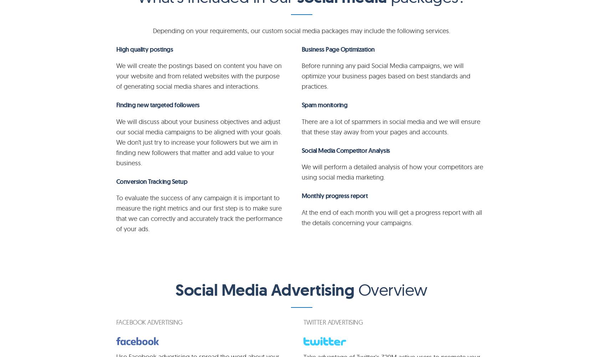  What do you see at coordinates (301, 217) in the screenshot?
I see `'At the end of each month you will get a progress report with all the details concerning your campaigns.'` at bounding box center [301, 217].